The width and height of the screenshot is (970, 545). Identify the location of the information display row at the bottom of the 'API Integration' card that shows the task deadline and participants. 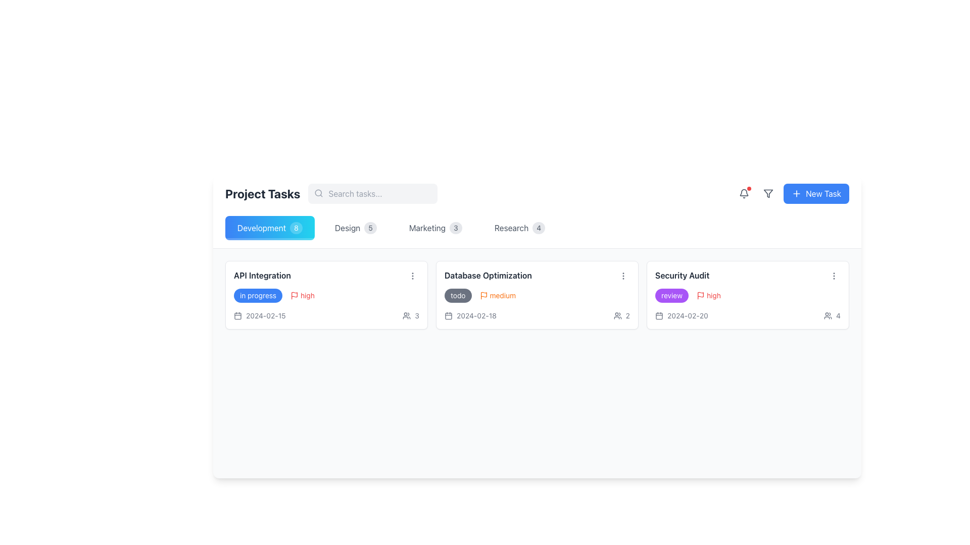
(326, 315).